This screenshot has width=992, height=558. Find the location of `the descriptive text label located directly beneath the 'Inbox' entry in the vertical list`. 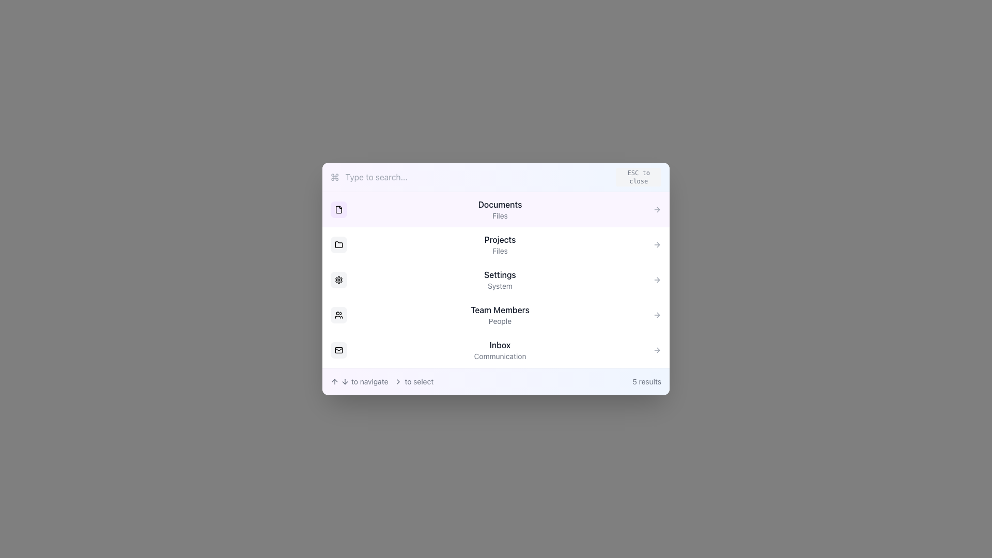

the descriptive text label located directly beneath the 'Inbox' entry in the vertical list is located at coordinates (500, 356).